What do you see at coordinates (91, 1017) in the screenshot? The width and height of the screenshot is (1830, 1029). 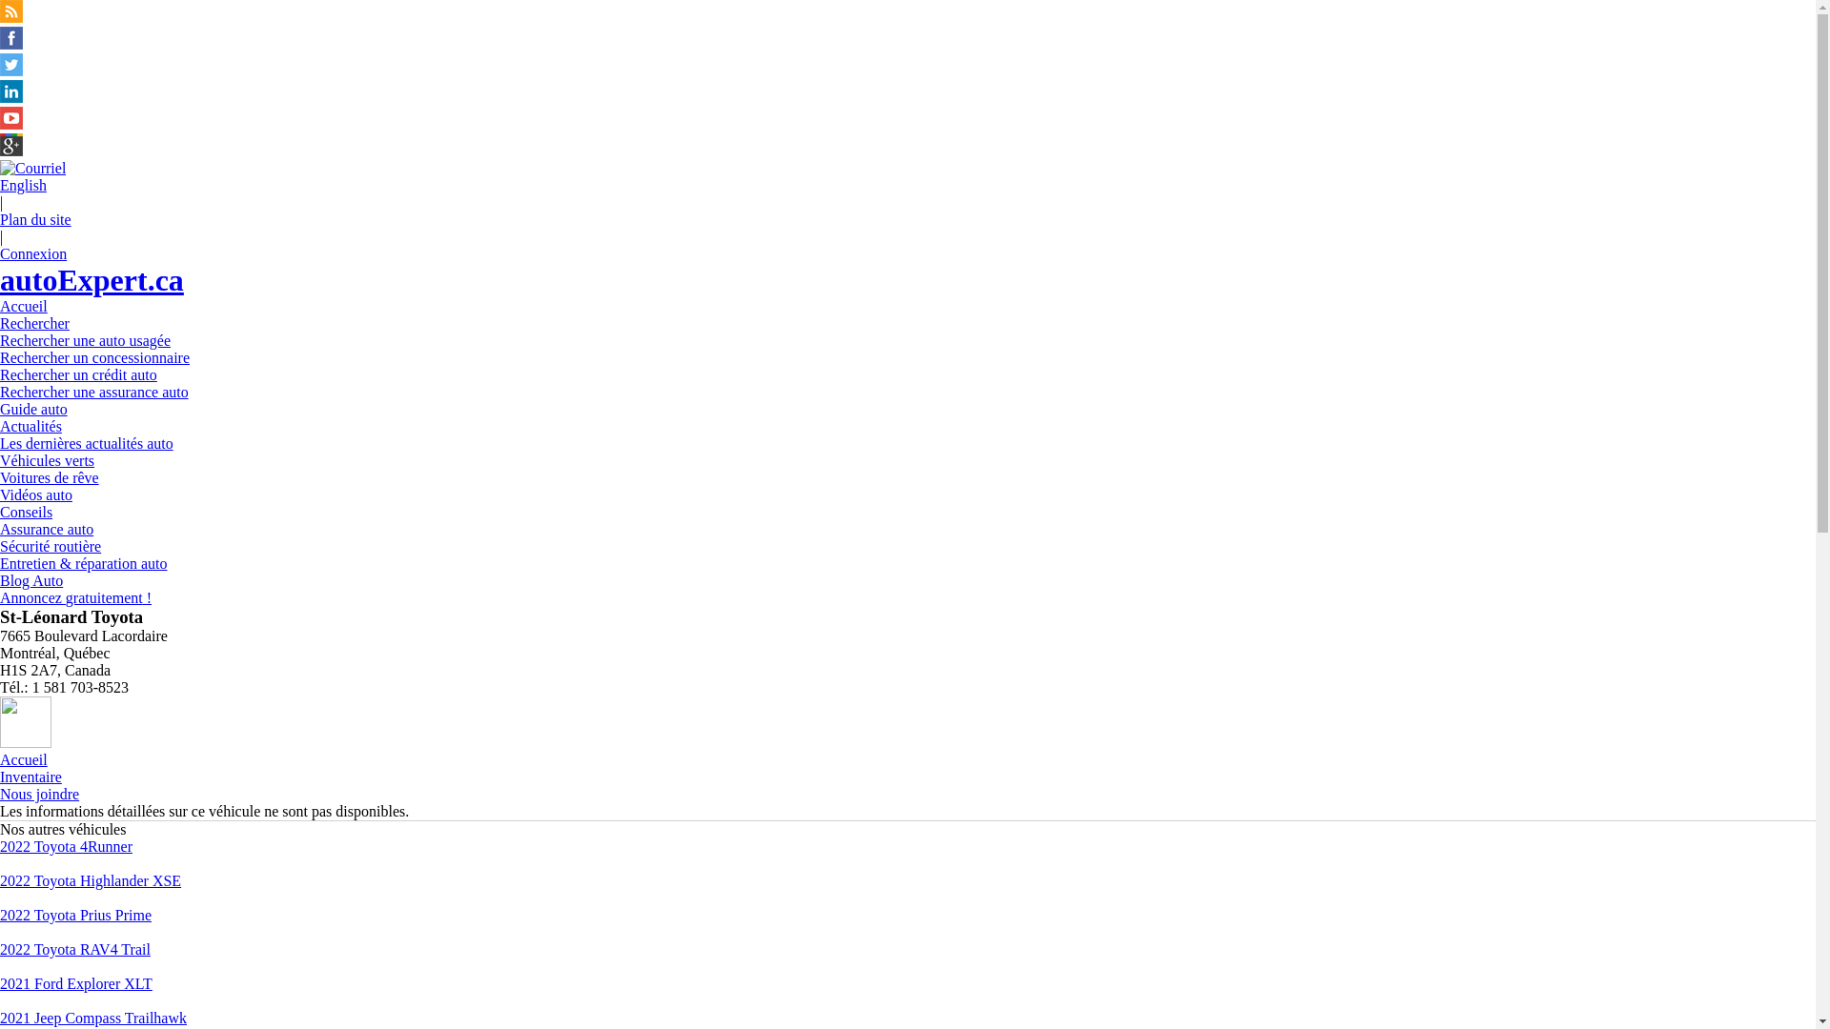 I see `'2021 Jeep Compass Trailhawk'` at bounding box center [91, 1017].